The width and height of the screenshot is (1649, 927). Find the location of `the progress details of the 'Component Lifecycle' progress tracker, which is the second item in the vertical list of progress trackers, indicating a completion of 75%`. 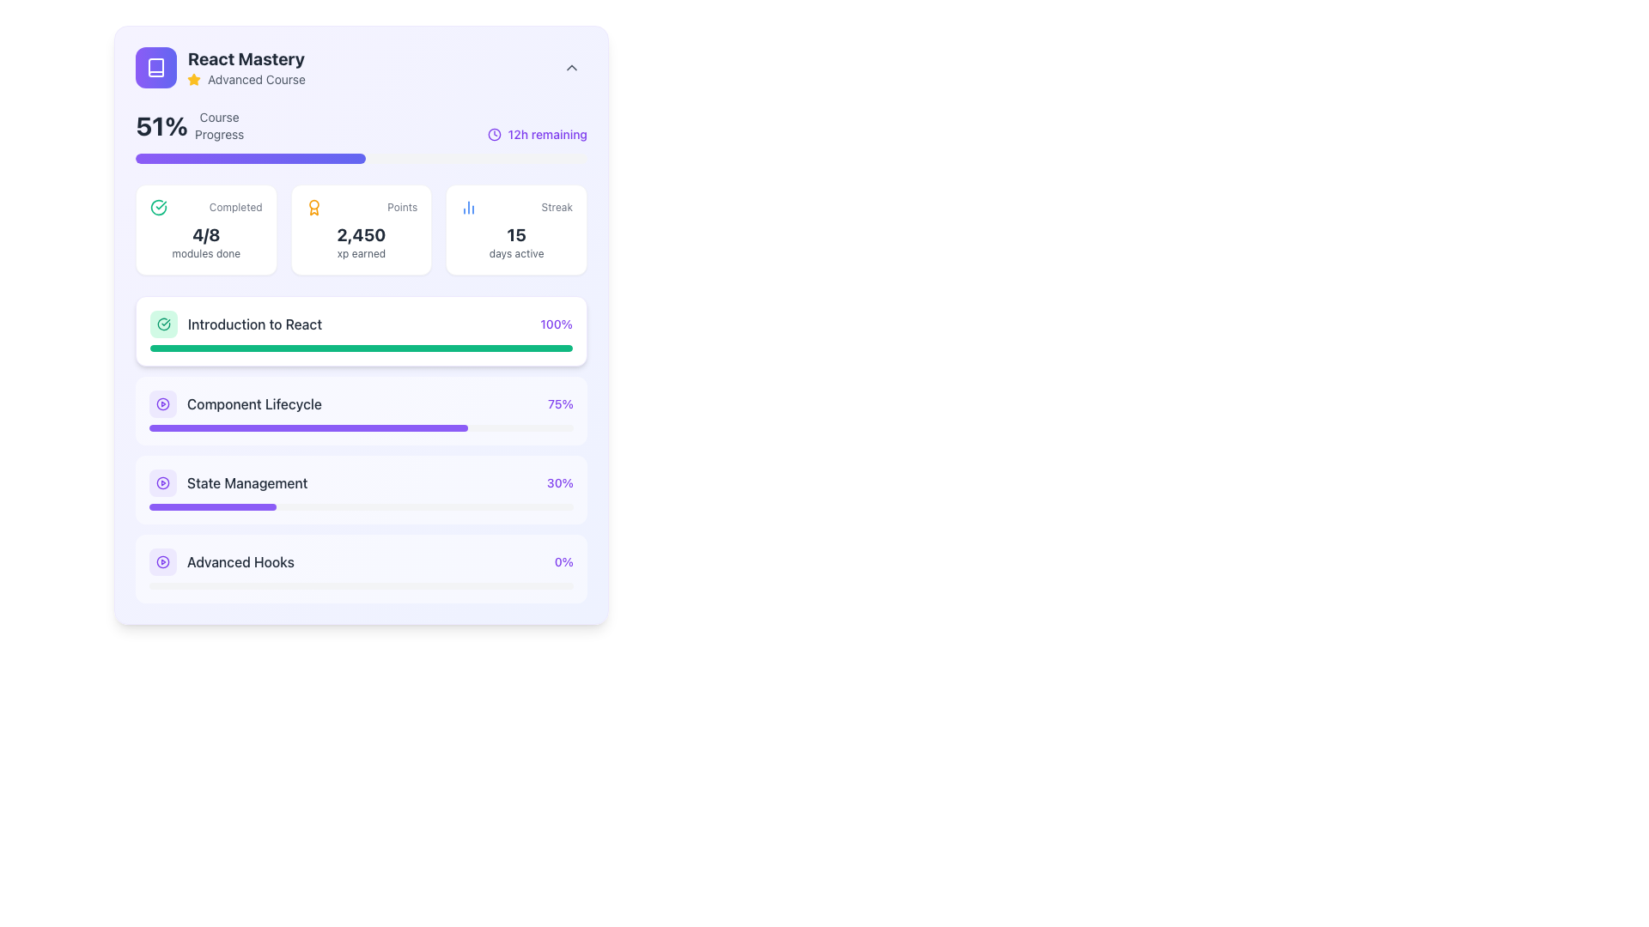

the progress details of the 'Component Lifecycle' progress tracker, which is the second item in the vertical list of progress trackers, indicating a completion of 75% is located at coordinates (361, 449).